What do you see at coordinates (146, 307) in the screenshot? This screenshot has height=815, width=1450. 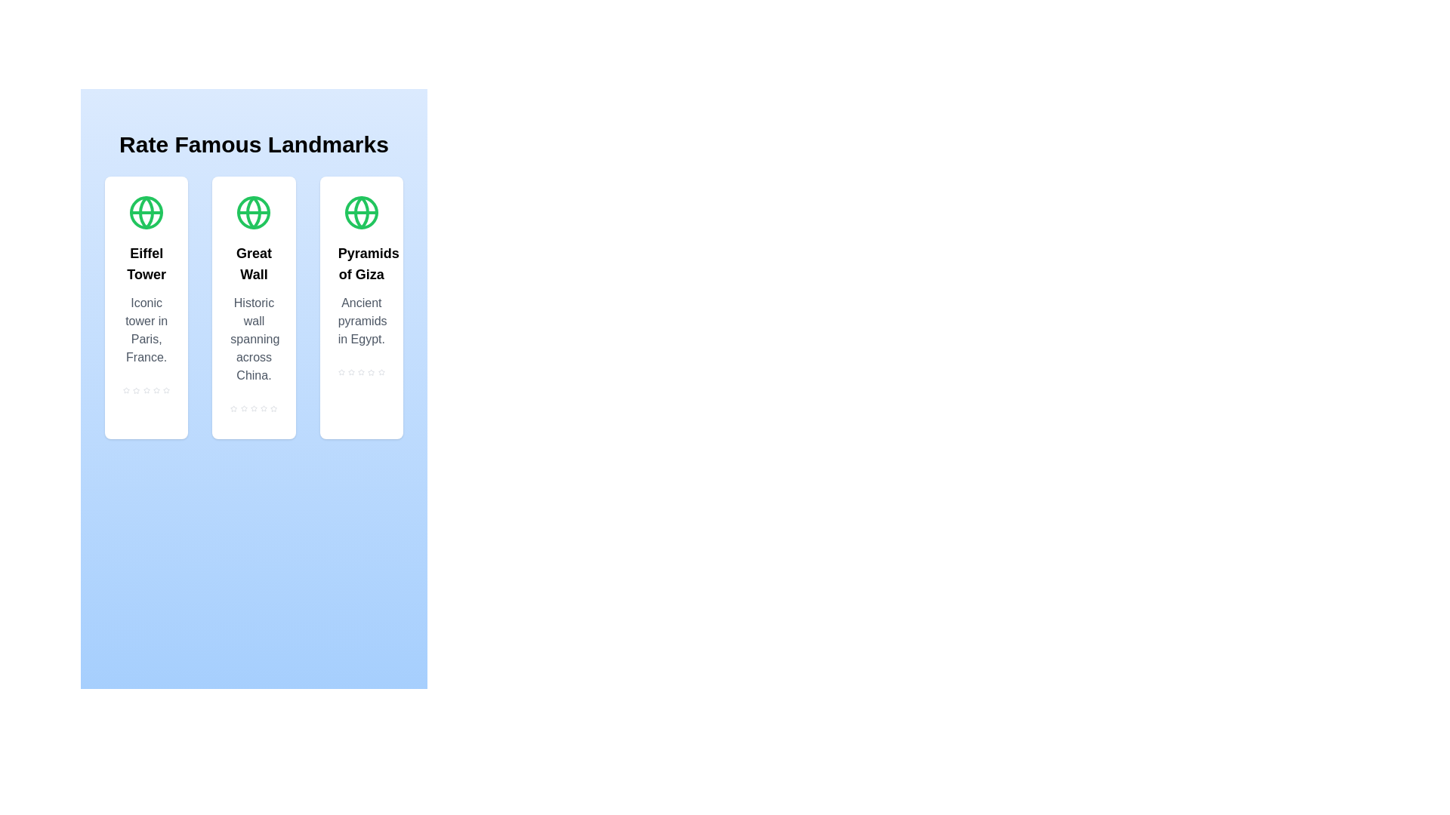 I see `the landmark card for Eiffel Tower to view its hover effect` at bounding box center [146, 307].